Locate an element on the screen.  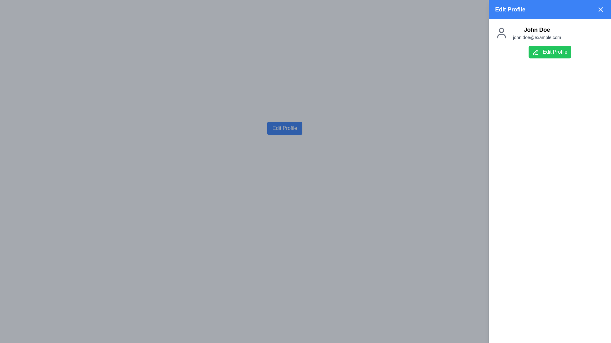
the pen icon located within the green 'Edit Profile' button, positioned to the immediate left of the 'Edit Profile' text, for potential visual feedback is located at coordinates (535, 52).